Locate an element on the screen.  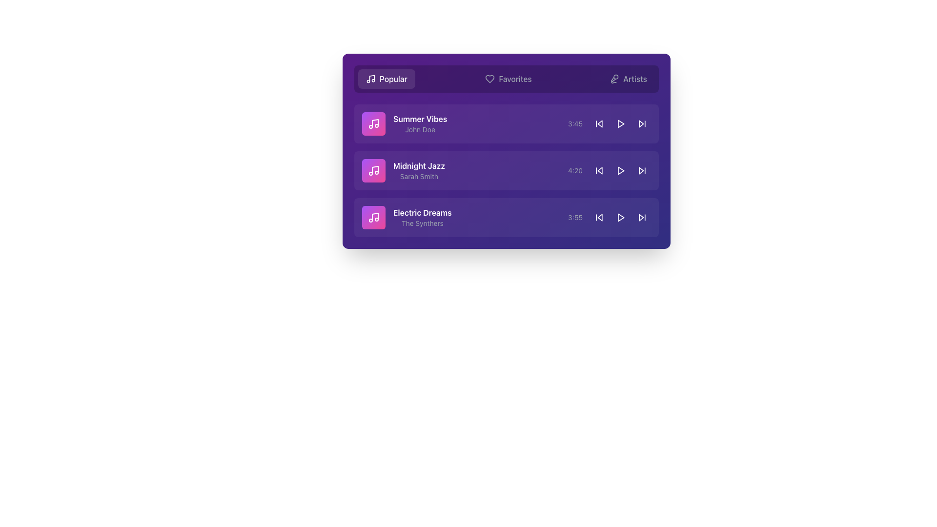
the leftward-facing triangle icon button located in the control bar to skip back to the previous track in the playlist is located at coordinates (599, 217).